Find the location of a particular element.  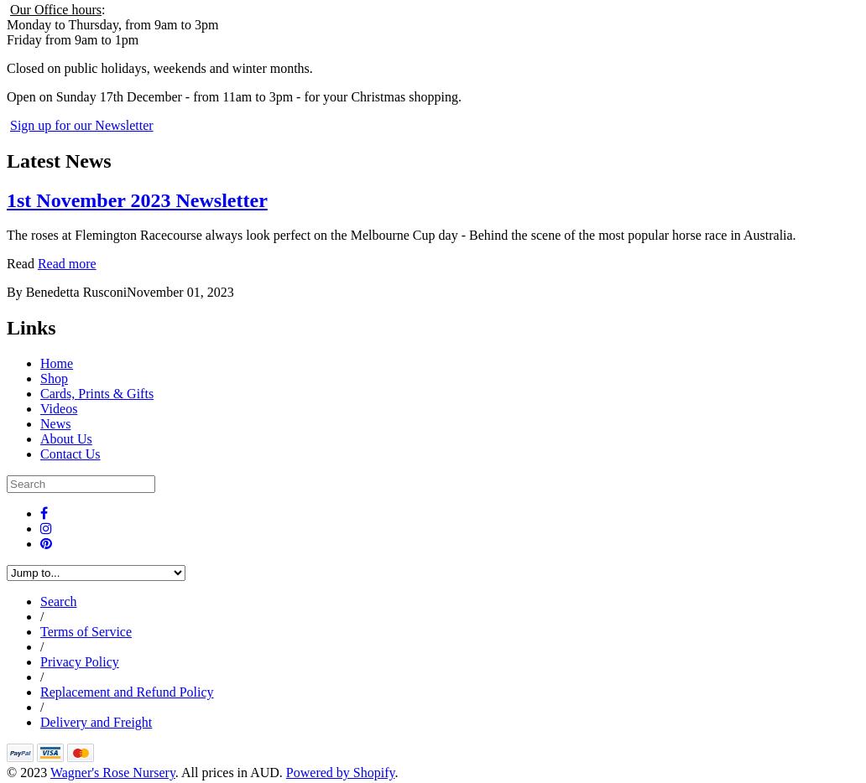

':' is located at coordinates (103, 8).